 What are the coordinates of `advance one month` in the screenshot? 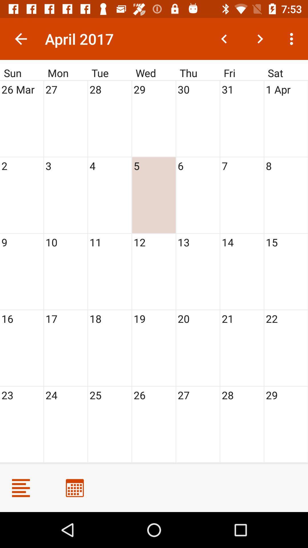 It's located at (260, 39).